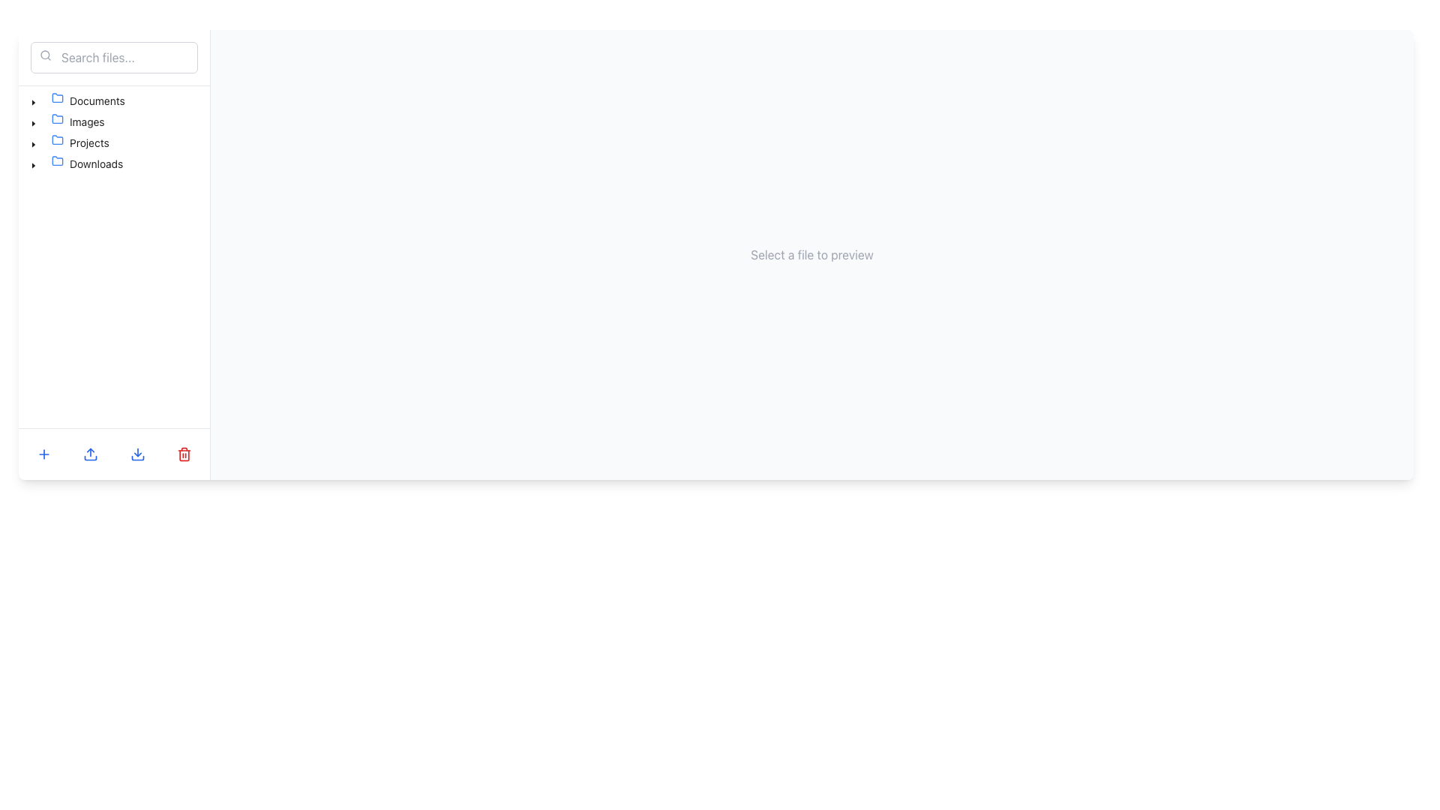 This screenshot has height=810, width=1440. What do you see at coordinates (86, 121) in the screenshot?
I see `the 'Images' text label in the navigation pane` at bounding box center [86, 121].